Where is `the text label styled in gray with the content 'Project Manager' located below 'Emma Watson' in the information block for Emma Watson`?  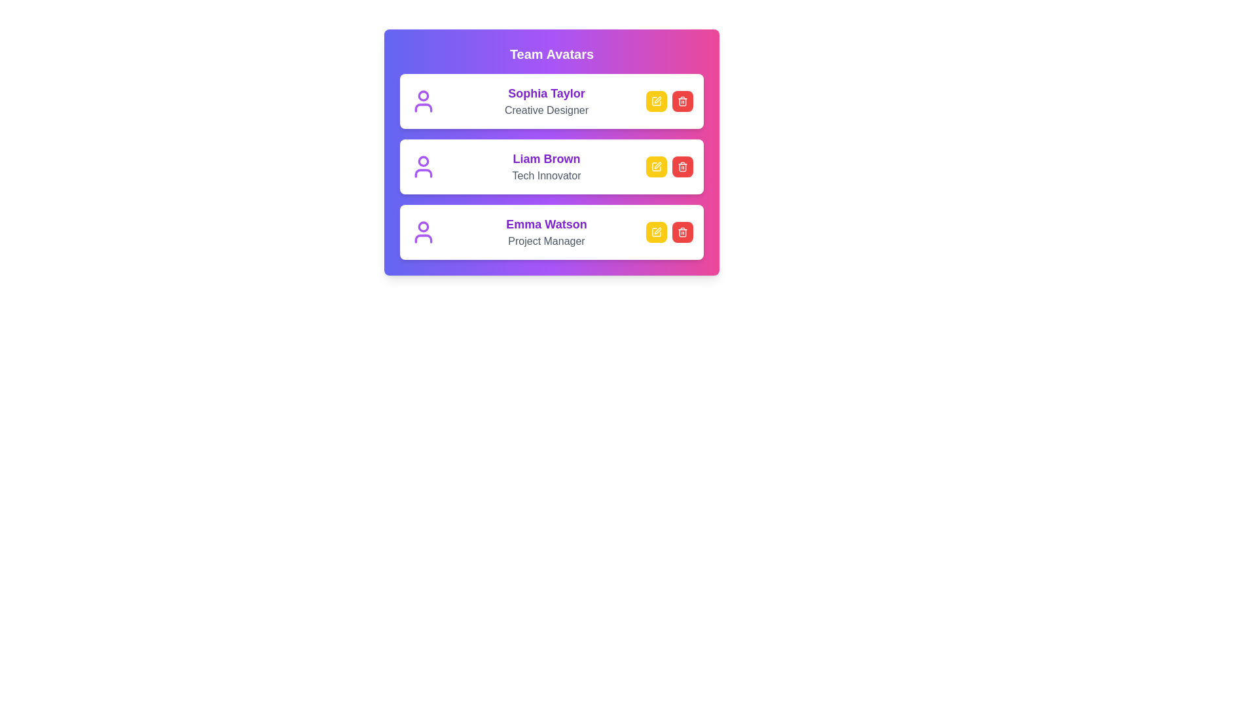
the text label styled in gray with the content 'Project Manager' located below 'Emma Watson' in the information block for Emma Watson is located at coordinates (547, 242).